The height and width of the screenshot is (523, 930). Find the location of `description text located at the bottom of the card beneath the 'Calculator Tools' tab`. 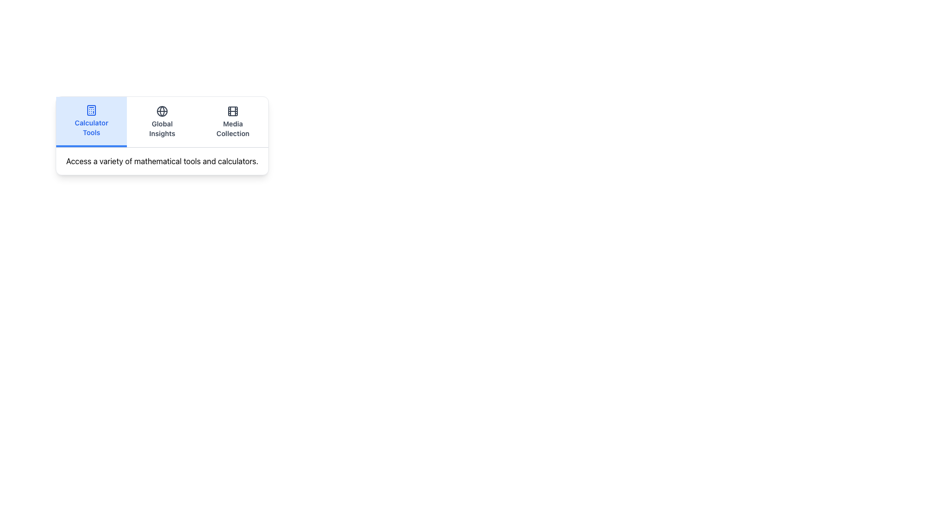

description text located at the bottom of the card beneath the 'Calculator Tools' tab is located at coordinates (162, 160).